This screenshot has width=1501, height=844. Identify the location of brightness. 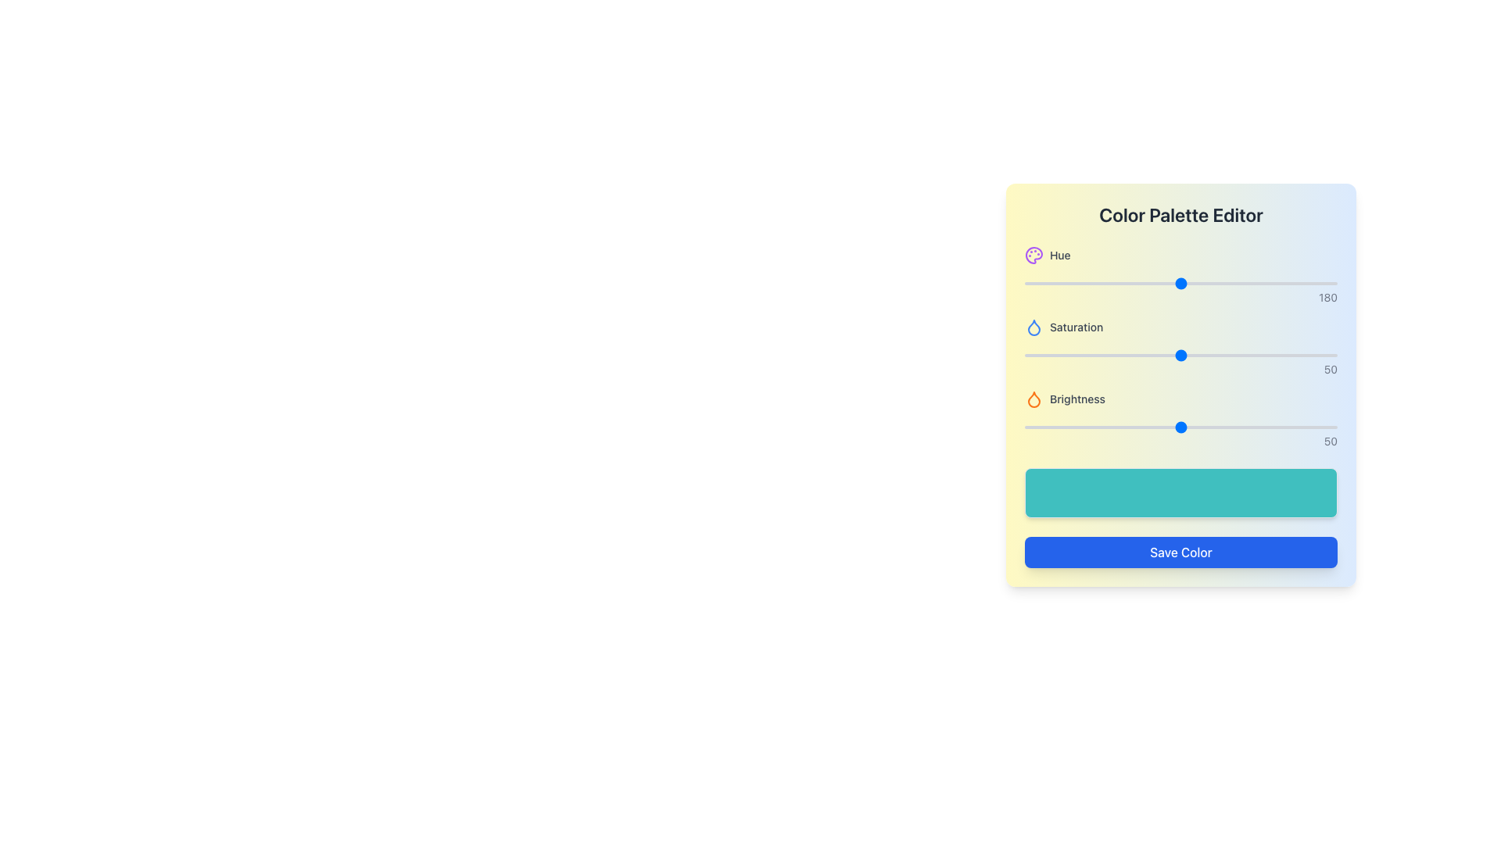
(1184, 427).